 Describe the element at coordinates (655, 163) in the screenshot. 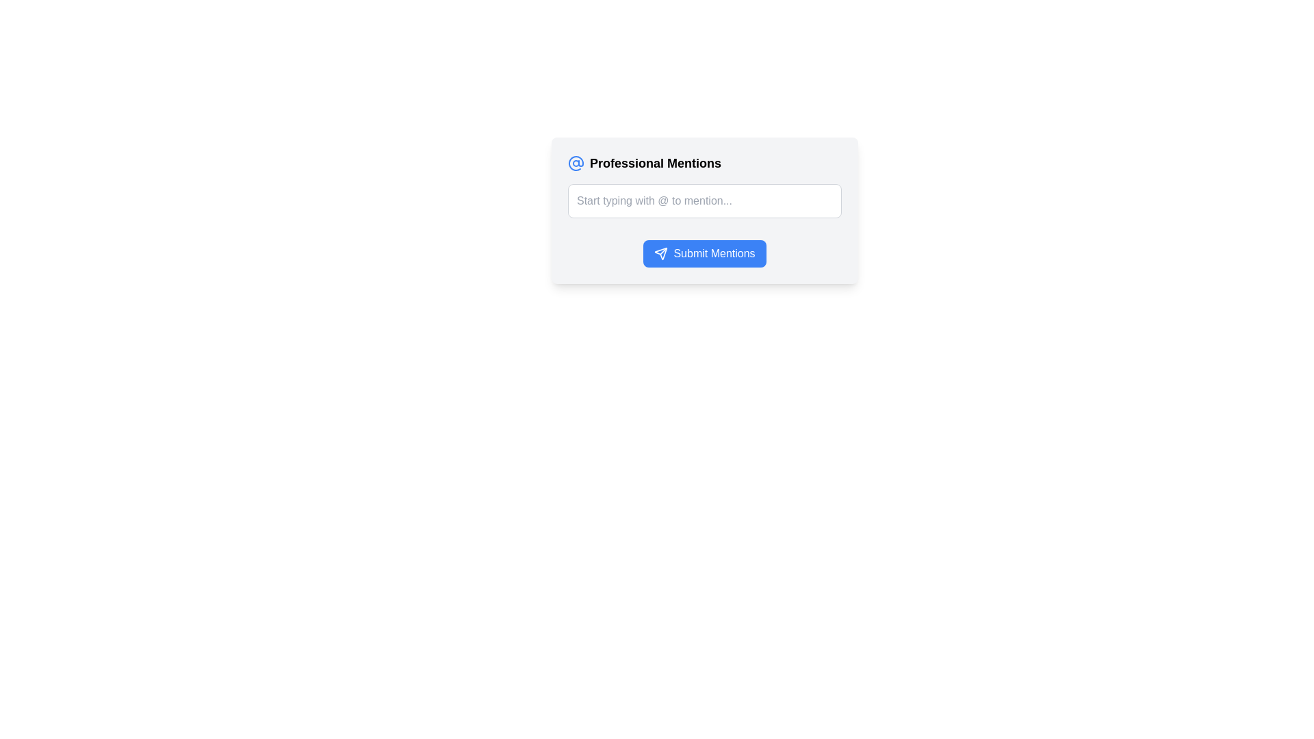

I see `the text heading labeled 'Professional Mentions', which is styled in a larger bold font and located to the right of a blue at-sign icon in the upper-left section of the focus interface card` at that location.